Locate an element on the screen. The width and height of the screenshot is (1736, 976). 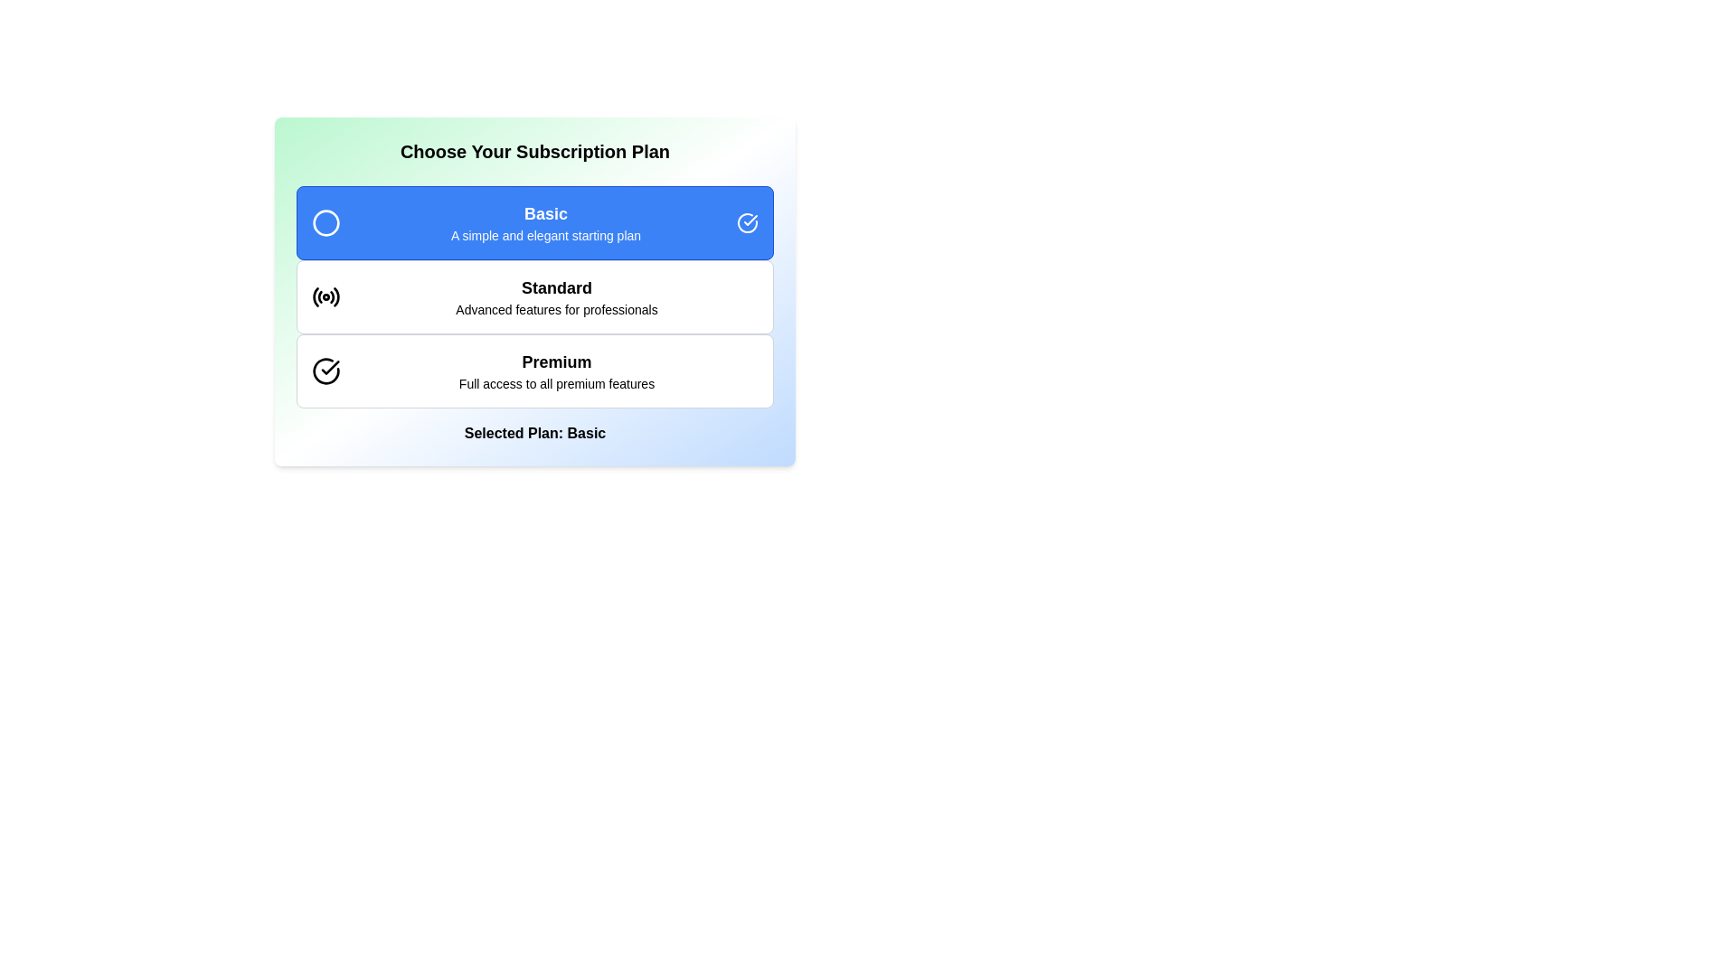
the circular icon with a thin border and empty interior, located at the left side of the 'Basic' subscription option panel is located at coordinates (325, 221).